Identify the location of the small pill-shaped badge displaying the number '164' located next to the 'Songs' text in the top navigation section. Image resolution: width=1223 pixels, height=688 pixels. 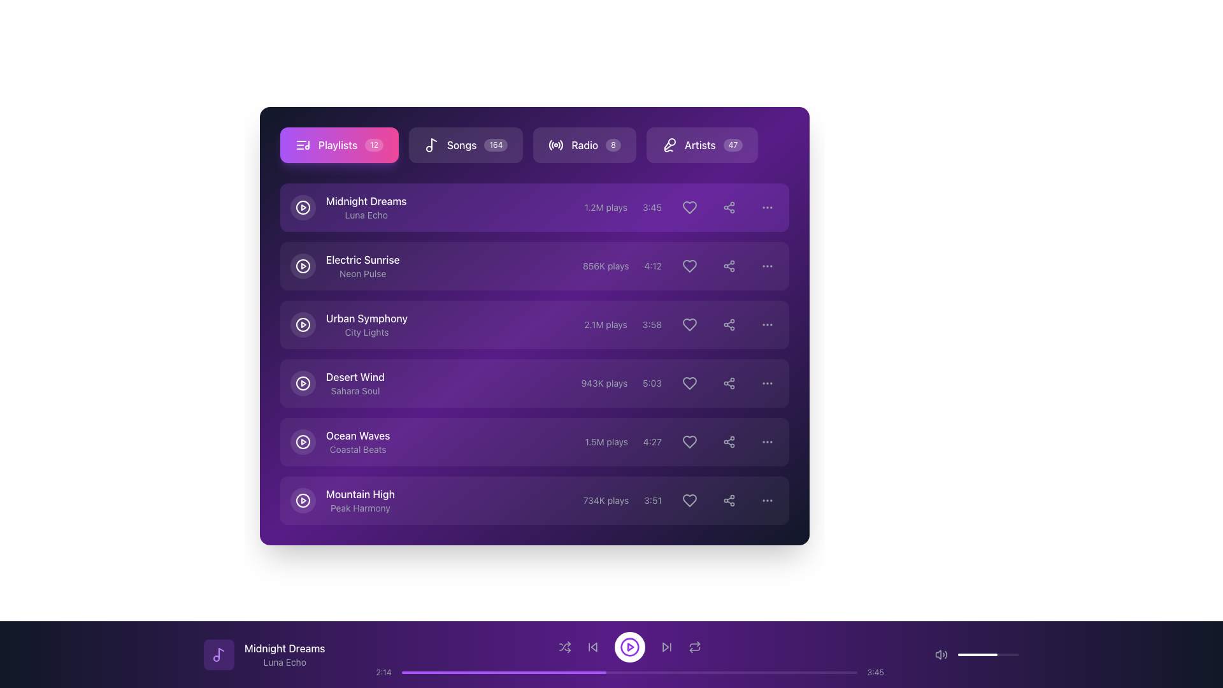
(495, 144).